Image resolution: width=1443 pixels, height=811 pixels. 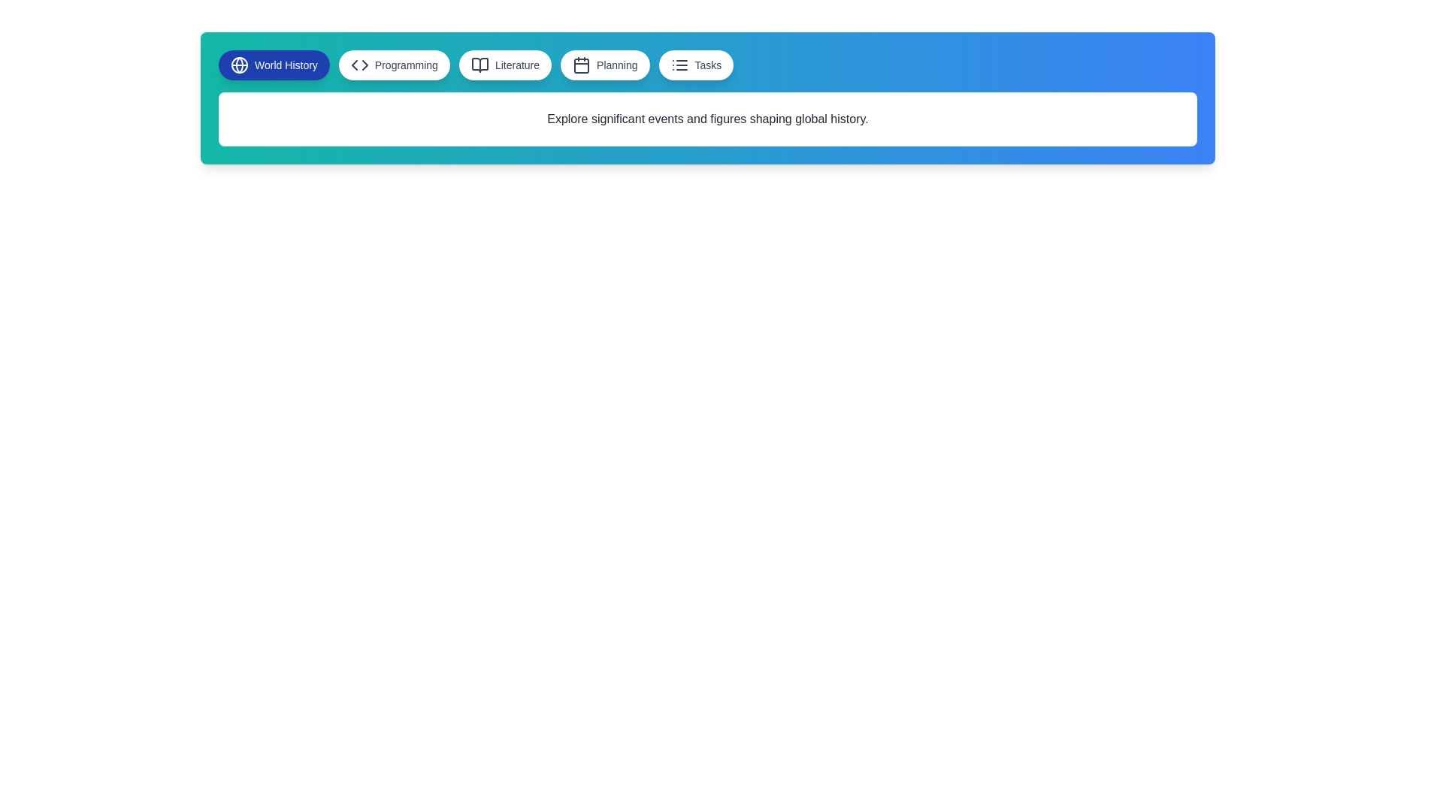 I want to click on the tab labeled World History to view its content, so click(x=274, y=65).